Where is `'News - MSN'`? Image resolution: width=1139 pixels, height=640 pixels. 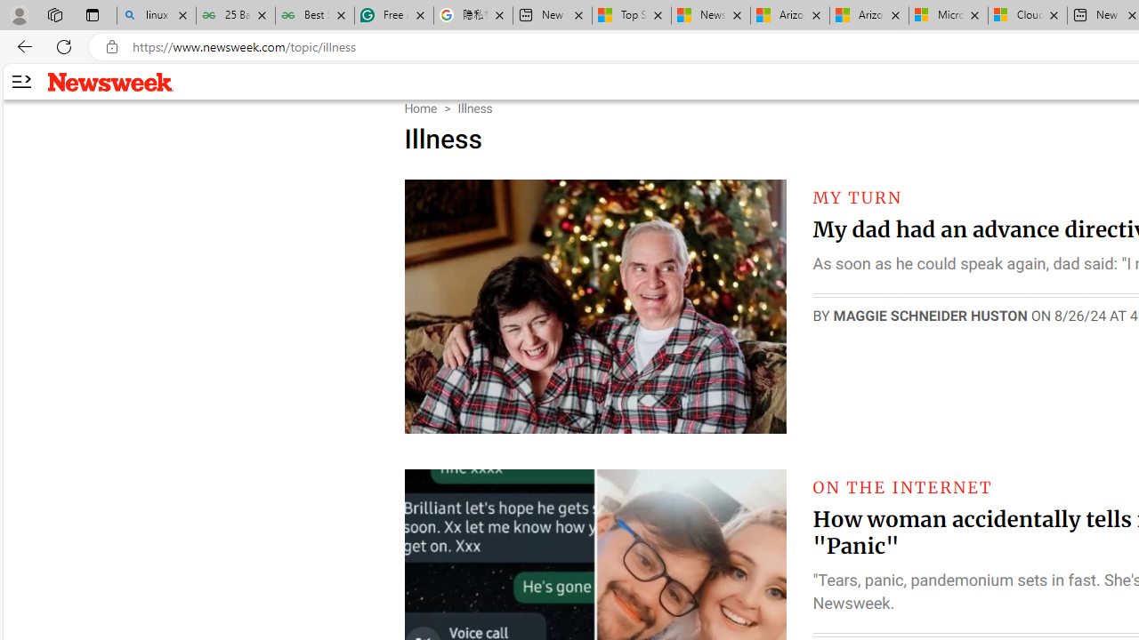
'News - MSN' is located at coordinates (710, 15).